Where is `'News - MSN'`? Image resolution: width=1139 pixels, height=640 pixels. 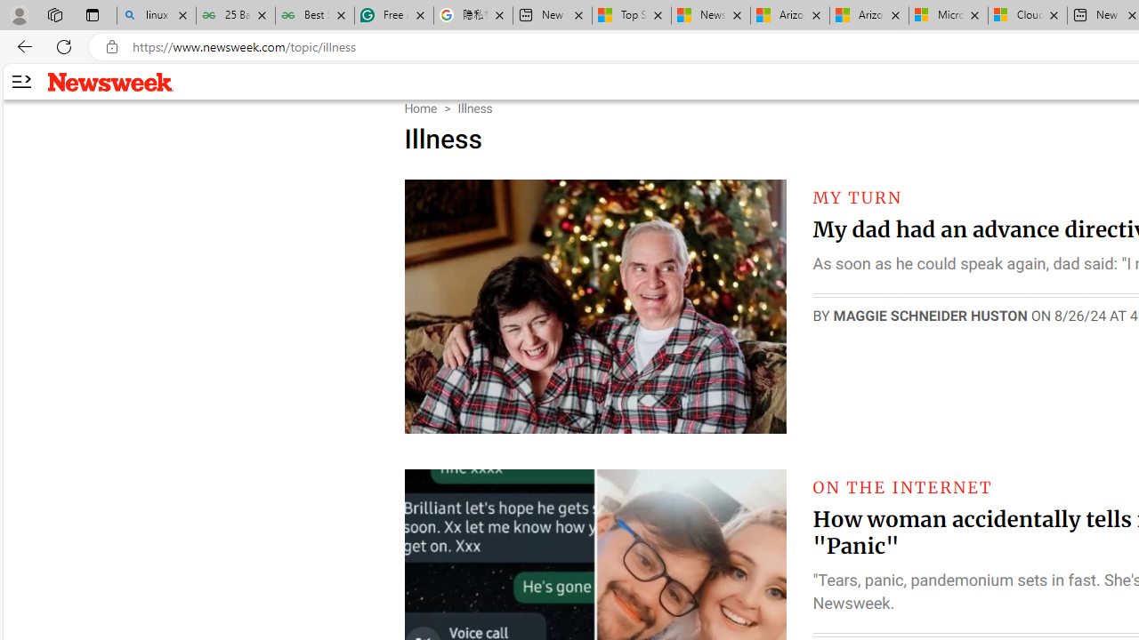
'News - MSN' is located at coordinates (710, 15).